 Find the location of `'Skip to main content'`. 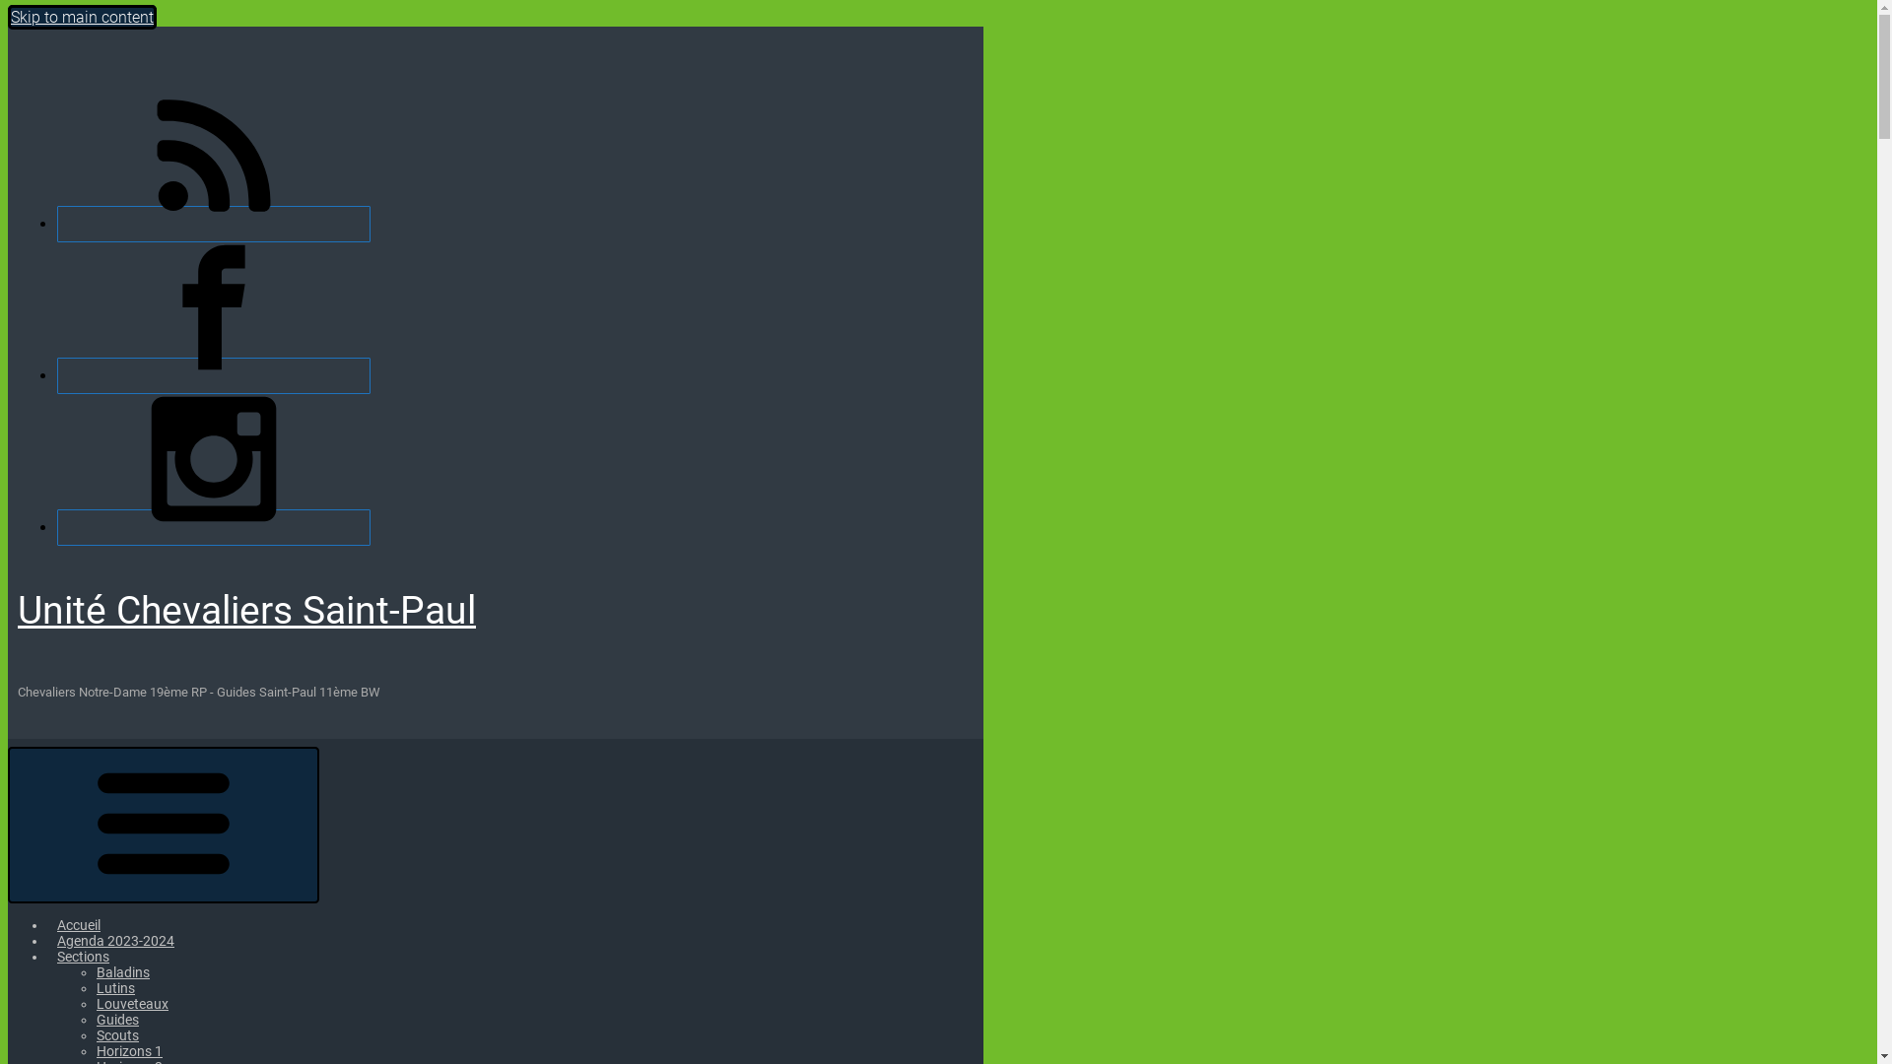

'Skip to main content' is located at coordinates (81, 17).